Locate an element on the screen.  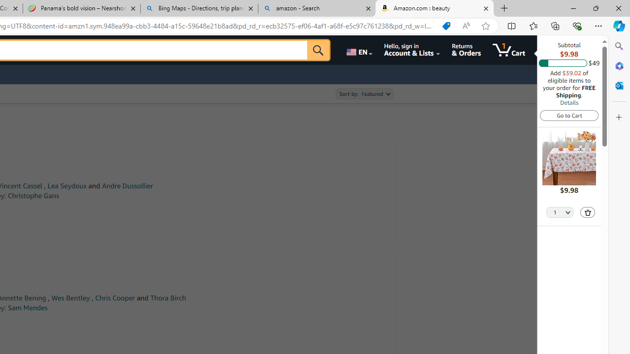
'Thora Birch' is located at coordinates (168, 297).